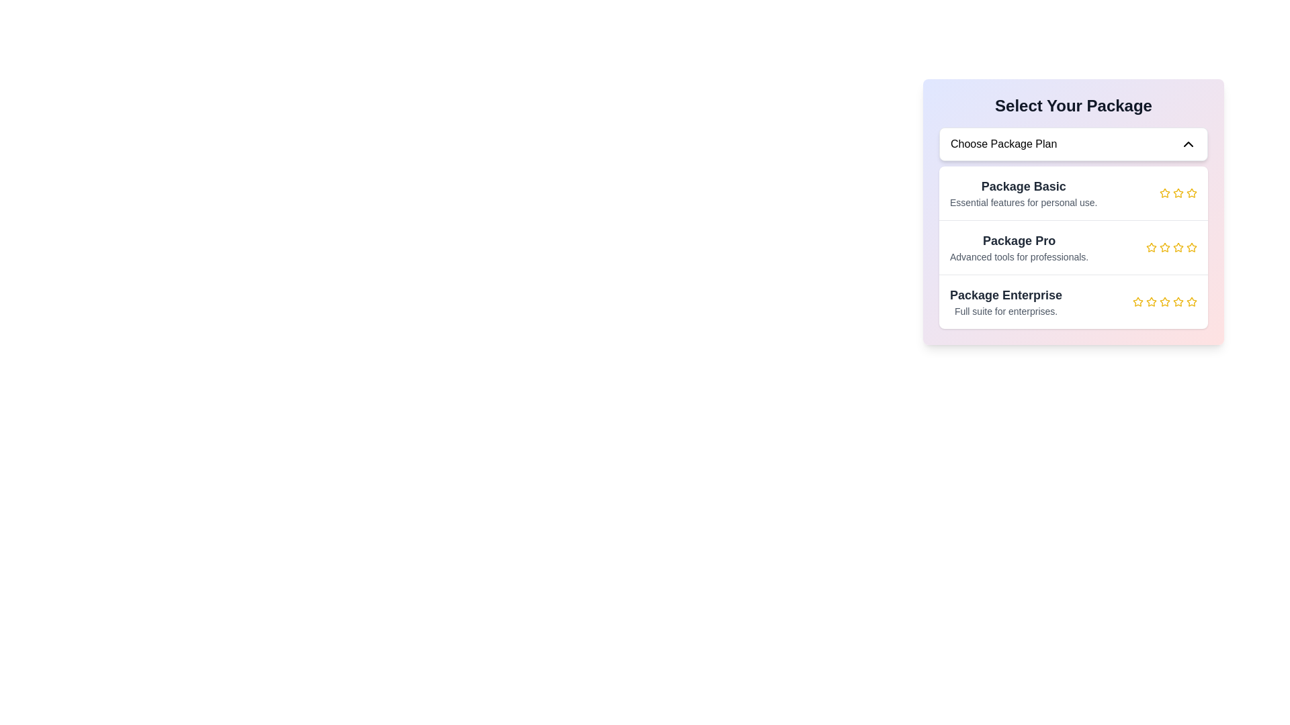 The width and height of the screenshot is (1290, 725). Describe the element at coordinates (1073, 248) in the screenshot. I see `the 'Package Pro' selectable list item` at that location.